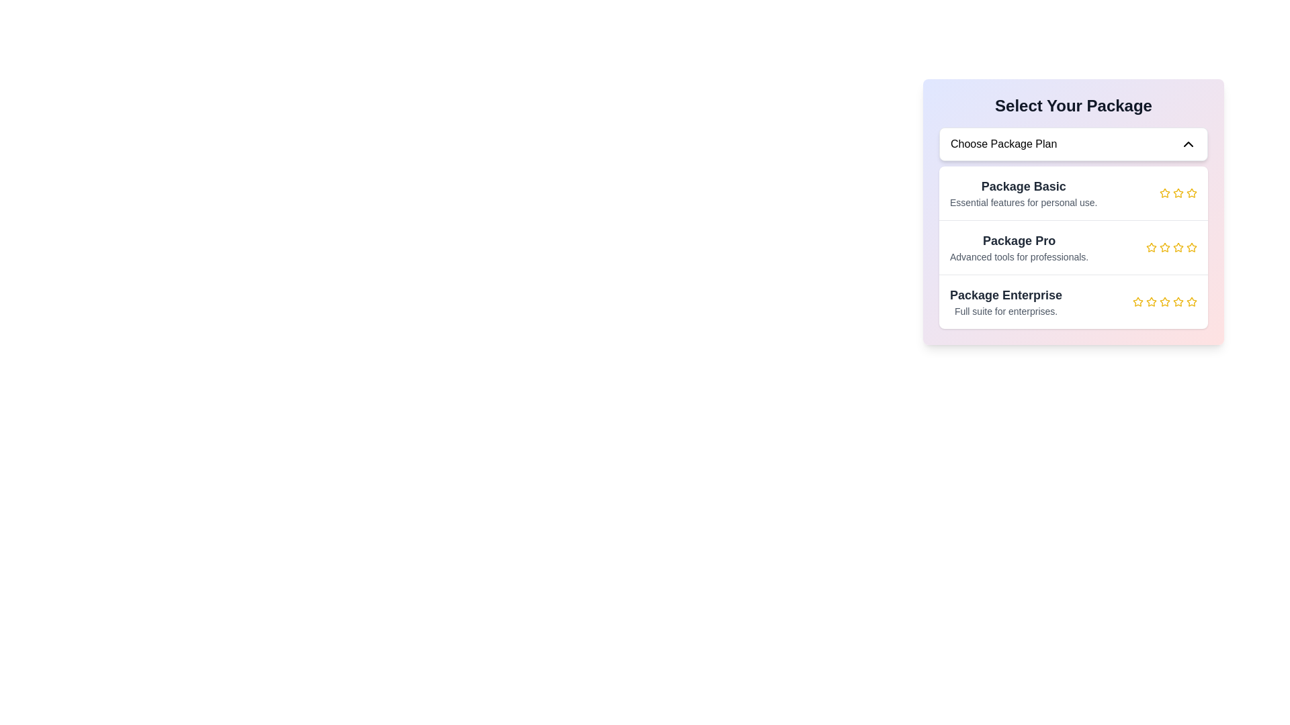 The width and height of the screenshot is (1290, 725). Describe the element at coordinates (1073, 248) in the screenshot. I see `the 'Package Pro' selectable list item` at that location.